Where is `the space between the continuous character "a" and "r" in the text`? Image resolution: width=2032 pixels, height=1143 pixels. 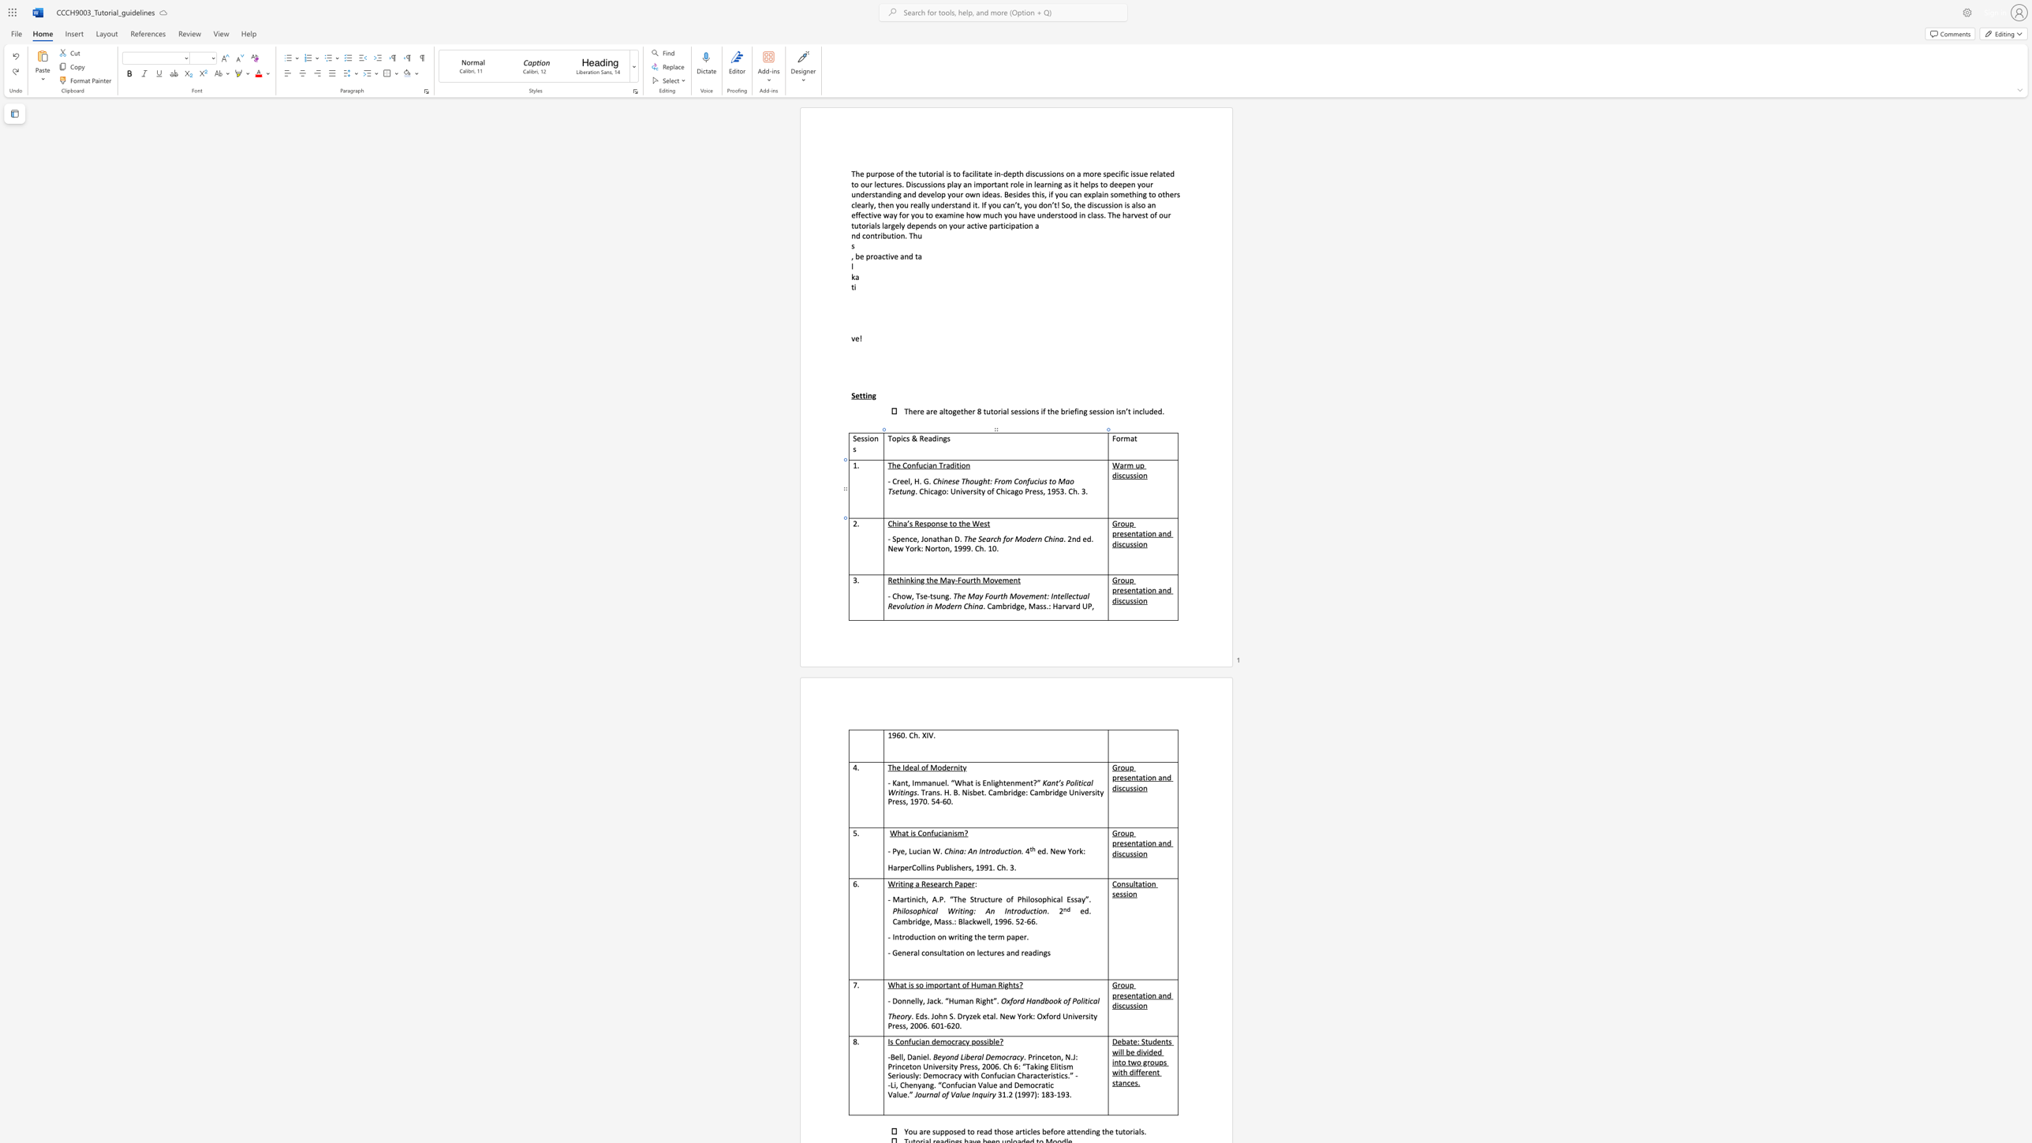 the space between the continuous character "a" and "r" in the text is located at coordinates (1123, 464).